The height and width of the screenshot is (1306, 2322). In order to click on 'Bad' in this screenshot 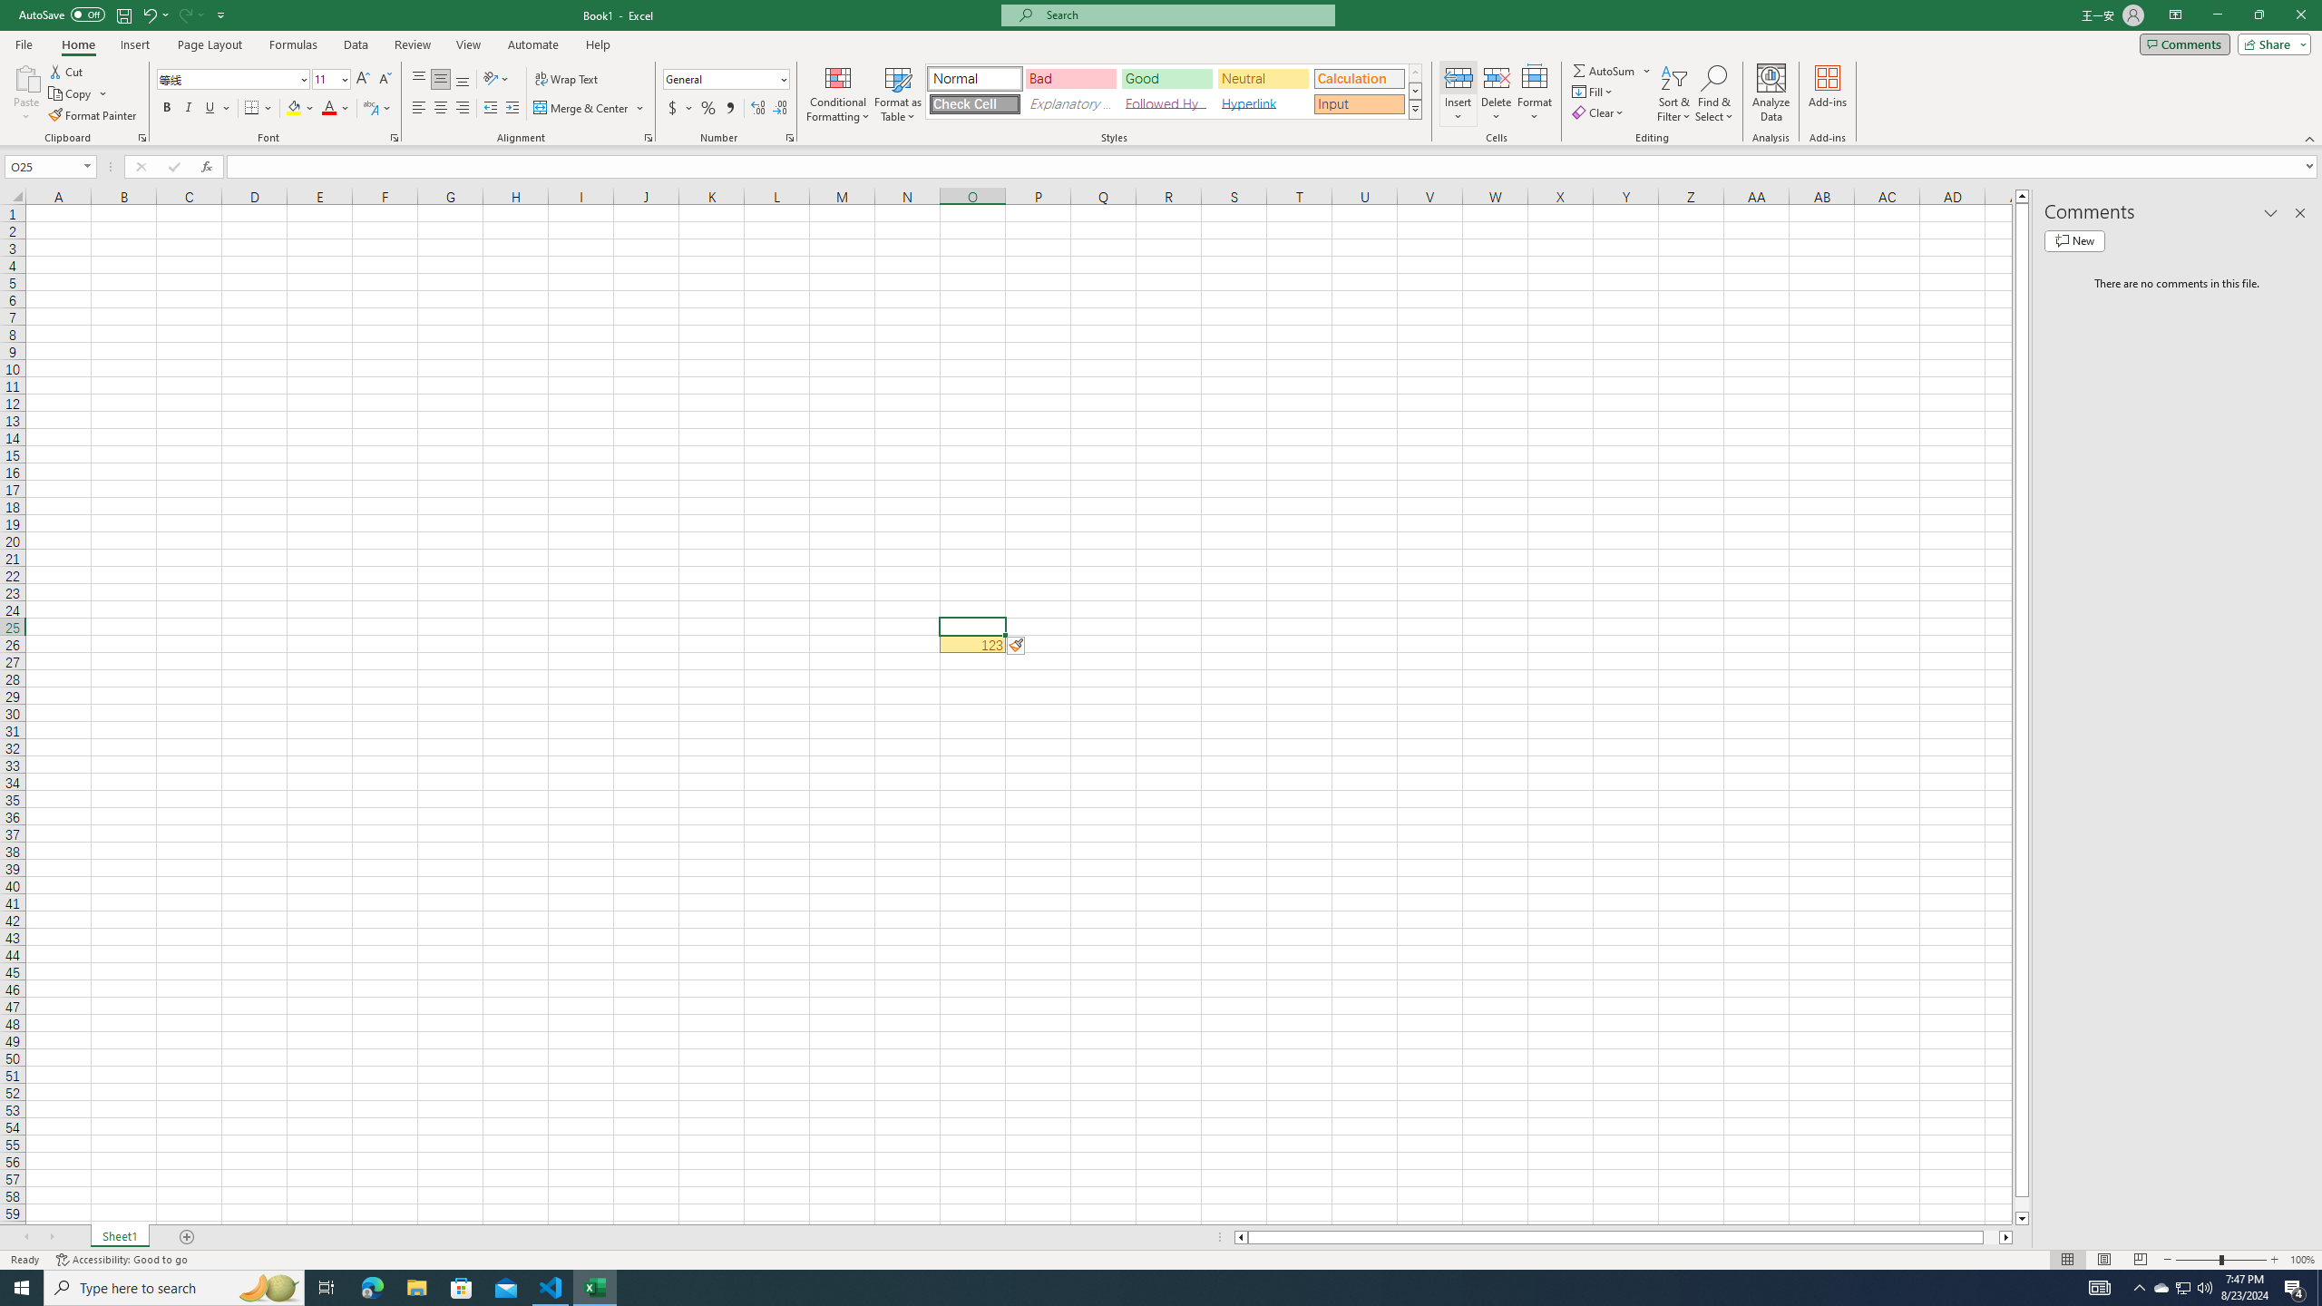, I will do `click(1071, 79)`.